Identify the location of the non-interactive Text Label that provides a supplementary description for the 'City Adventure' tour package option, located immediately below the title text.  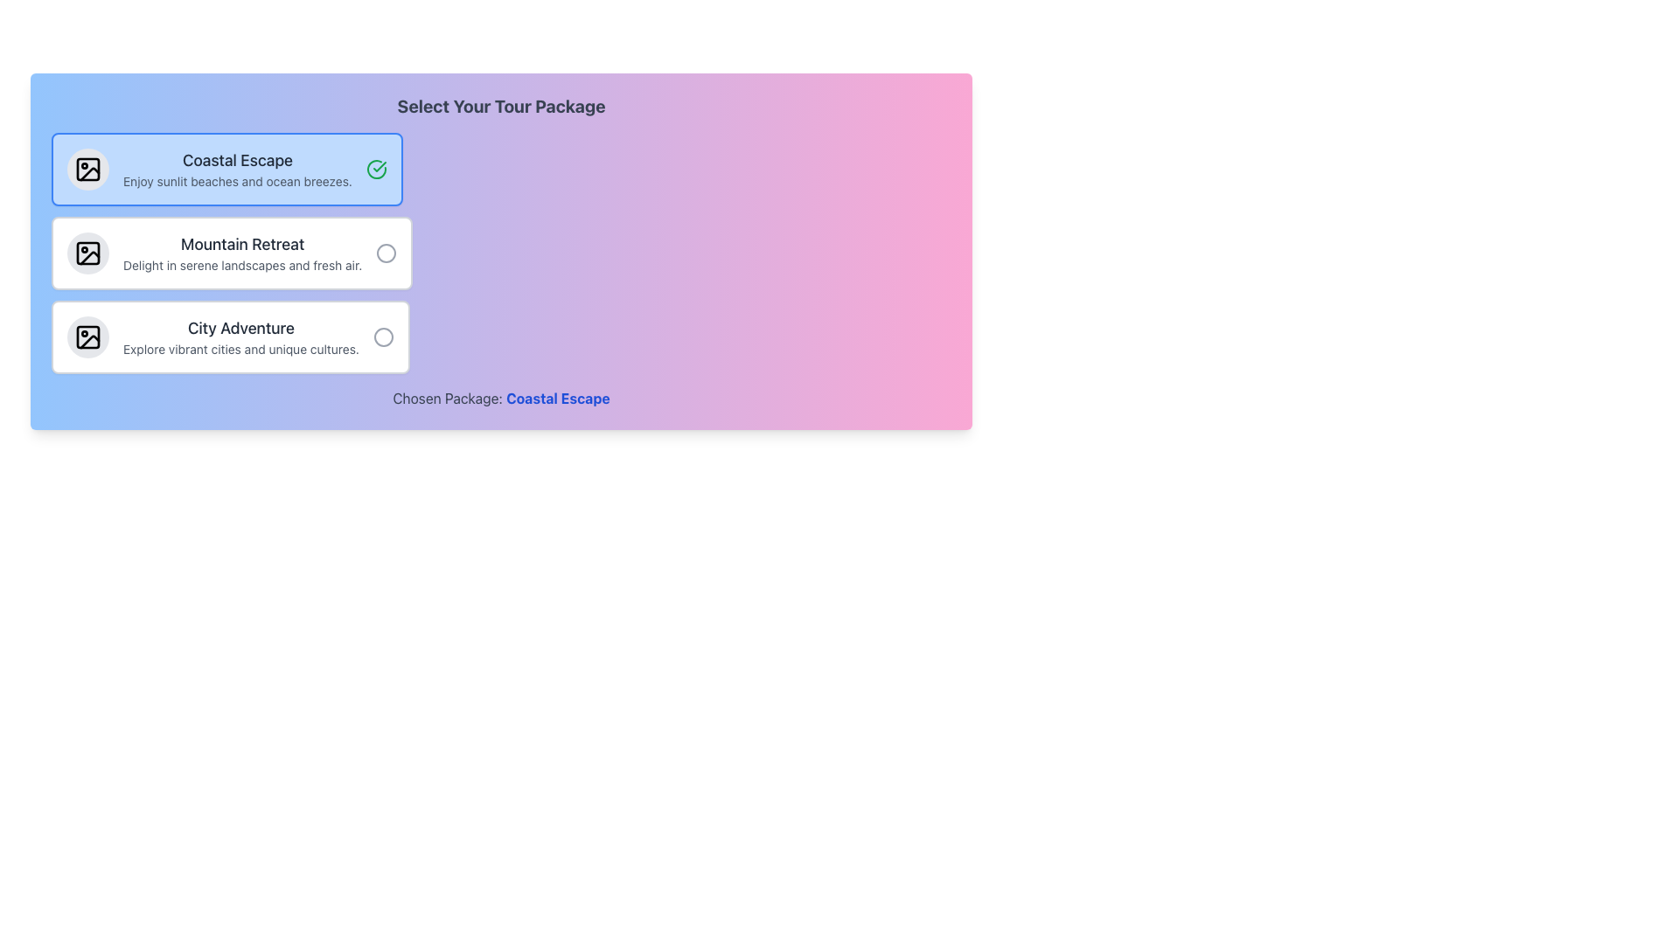
(240, 350).